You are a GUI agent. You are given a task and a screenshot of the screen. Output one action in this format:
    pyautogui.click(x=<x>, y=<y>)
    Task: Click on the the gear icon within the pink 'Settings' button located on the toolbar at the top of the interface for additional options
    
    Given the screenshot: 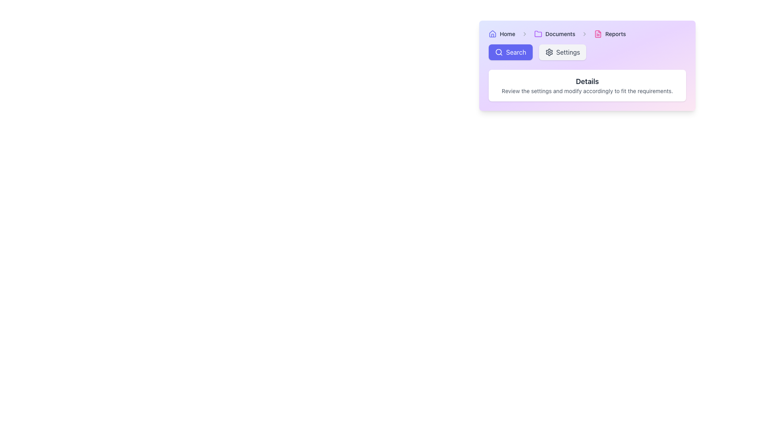 What is the action you would take?
    pyautogui.click(x=549, y=52)
    